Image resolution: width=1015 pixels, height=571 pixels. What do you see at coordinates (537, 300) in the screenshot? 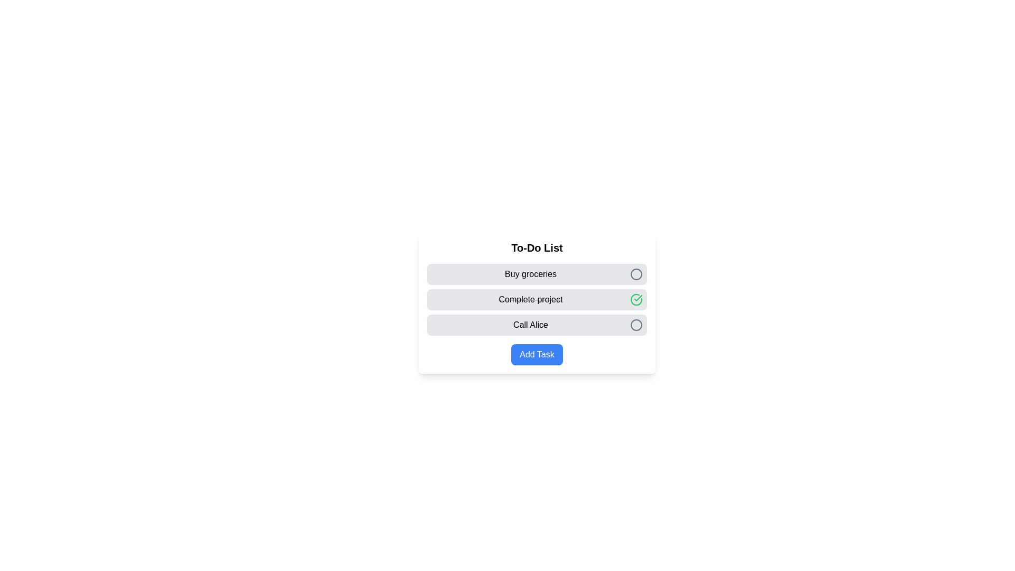
I see `the completed task item in the to-do list, which is the second item positioned beneath 'Buy groceries' and above 'Call Alice'` at bounding box center [537, 300].